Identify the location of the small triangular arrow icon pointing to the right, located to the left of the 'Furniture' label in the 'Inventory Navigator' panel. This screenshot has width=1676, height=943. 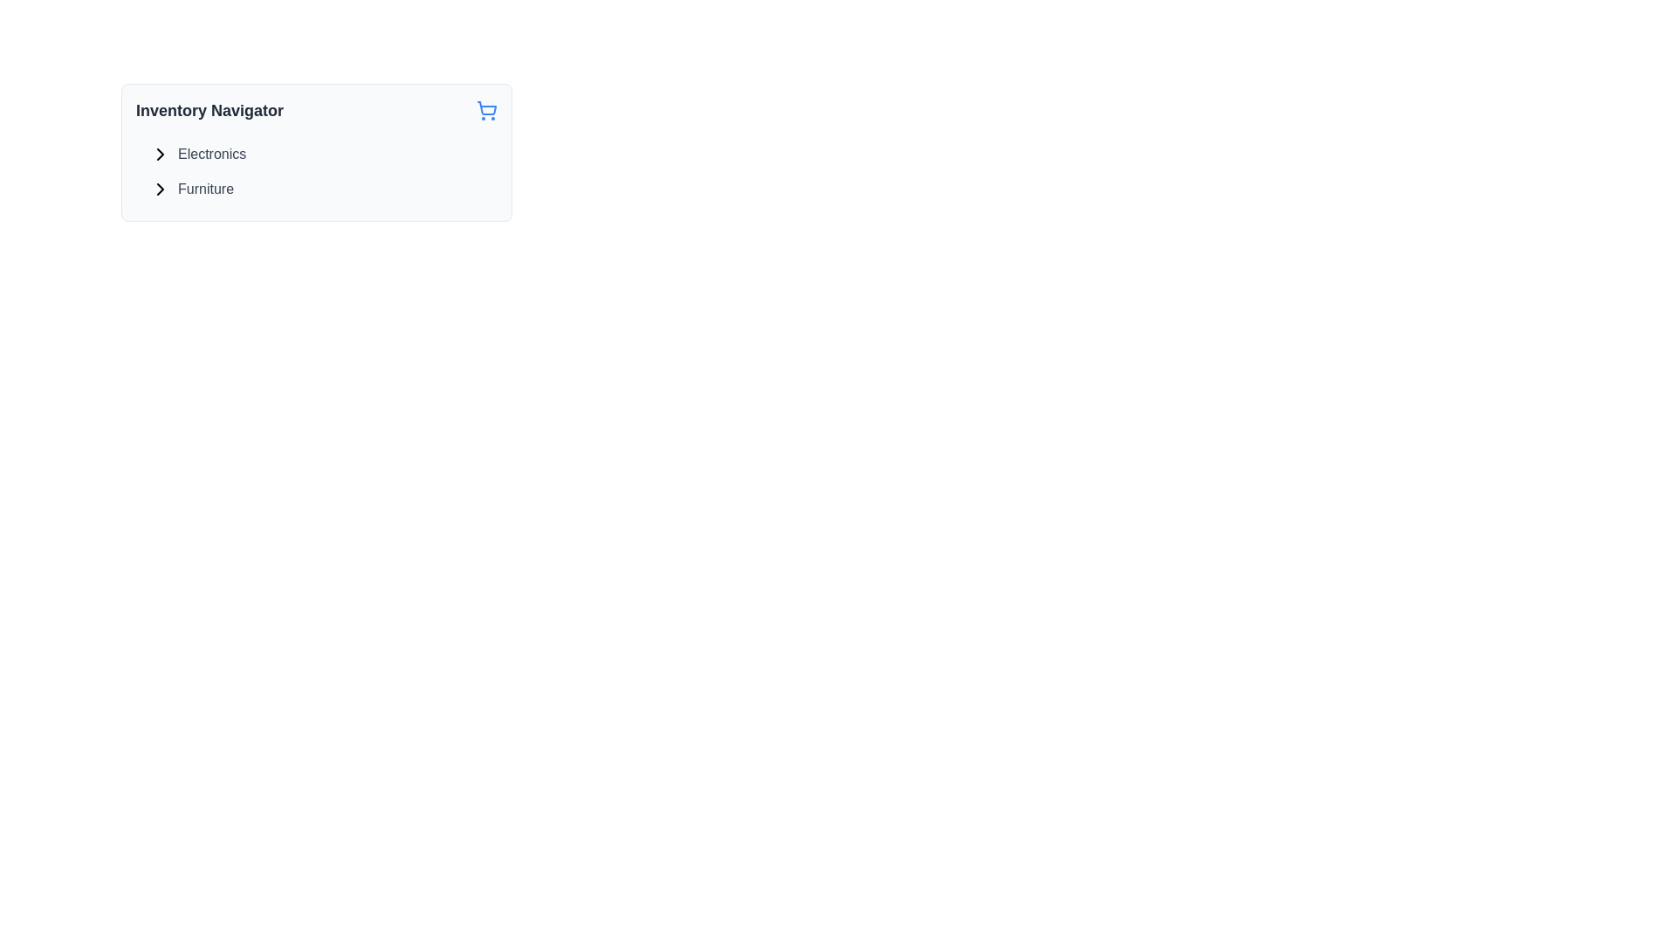
(160, 189).